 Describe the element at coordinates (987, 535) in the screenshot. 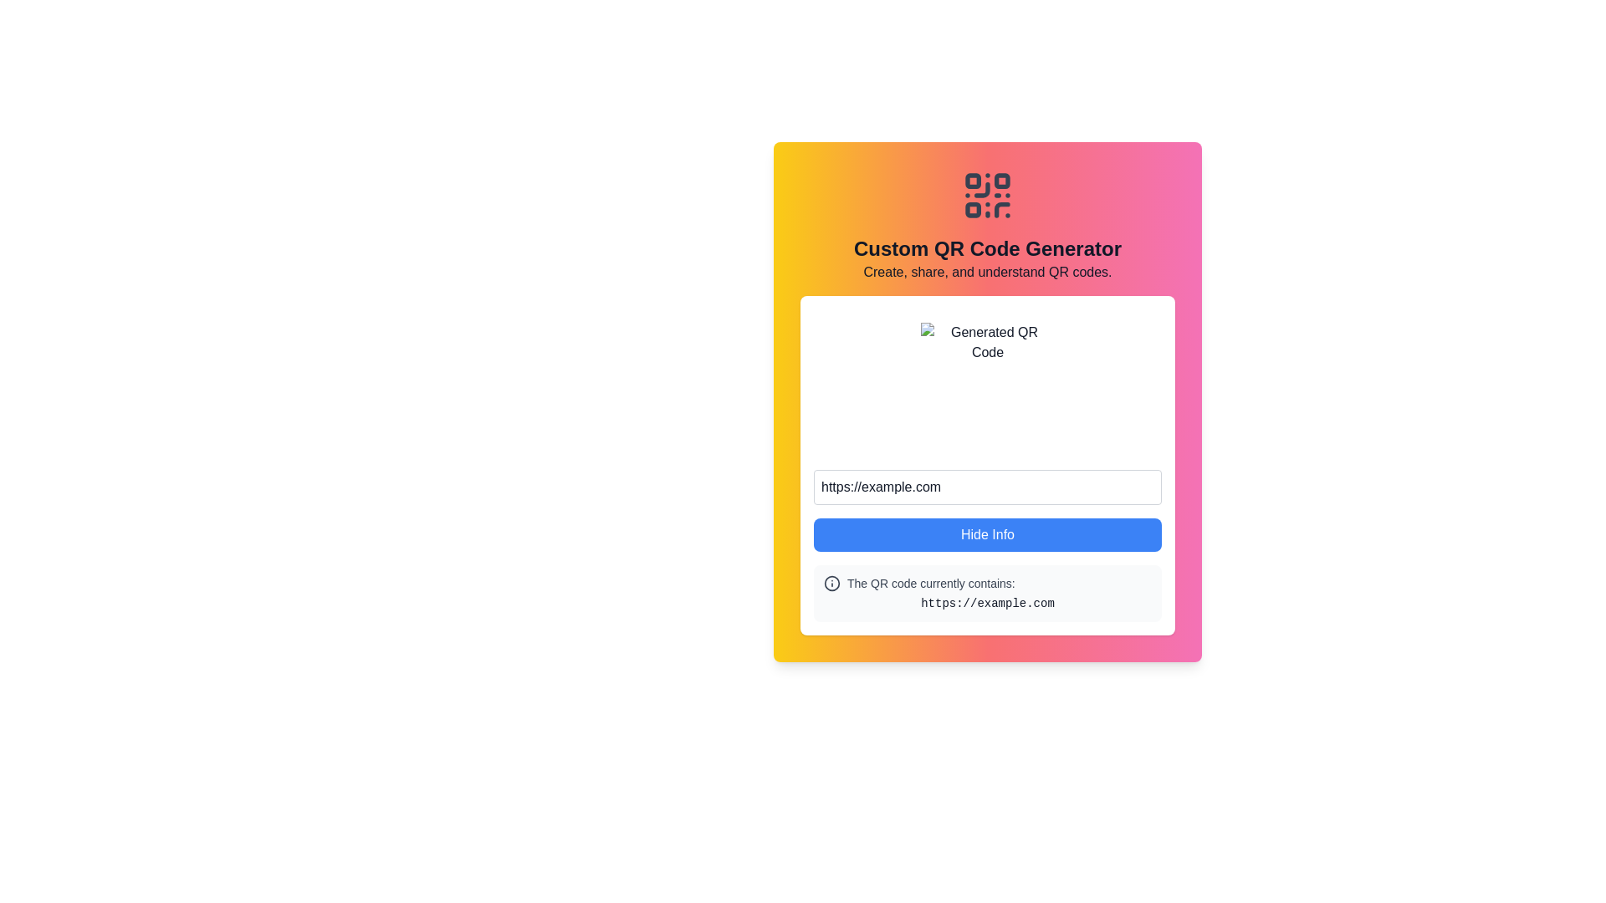

I see `the 'Hide Info' button, which is a blue rectangular button with white text, located below the text input field and above the information box` at that location.